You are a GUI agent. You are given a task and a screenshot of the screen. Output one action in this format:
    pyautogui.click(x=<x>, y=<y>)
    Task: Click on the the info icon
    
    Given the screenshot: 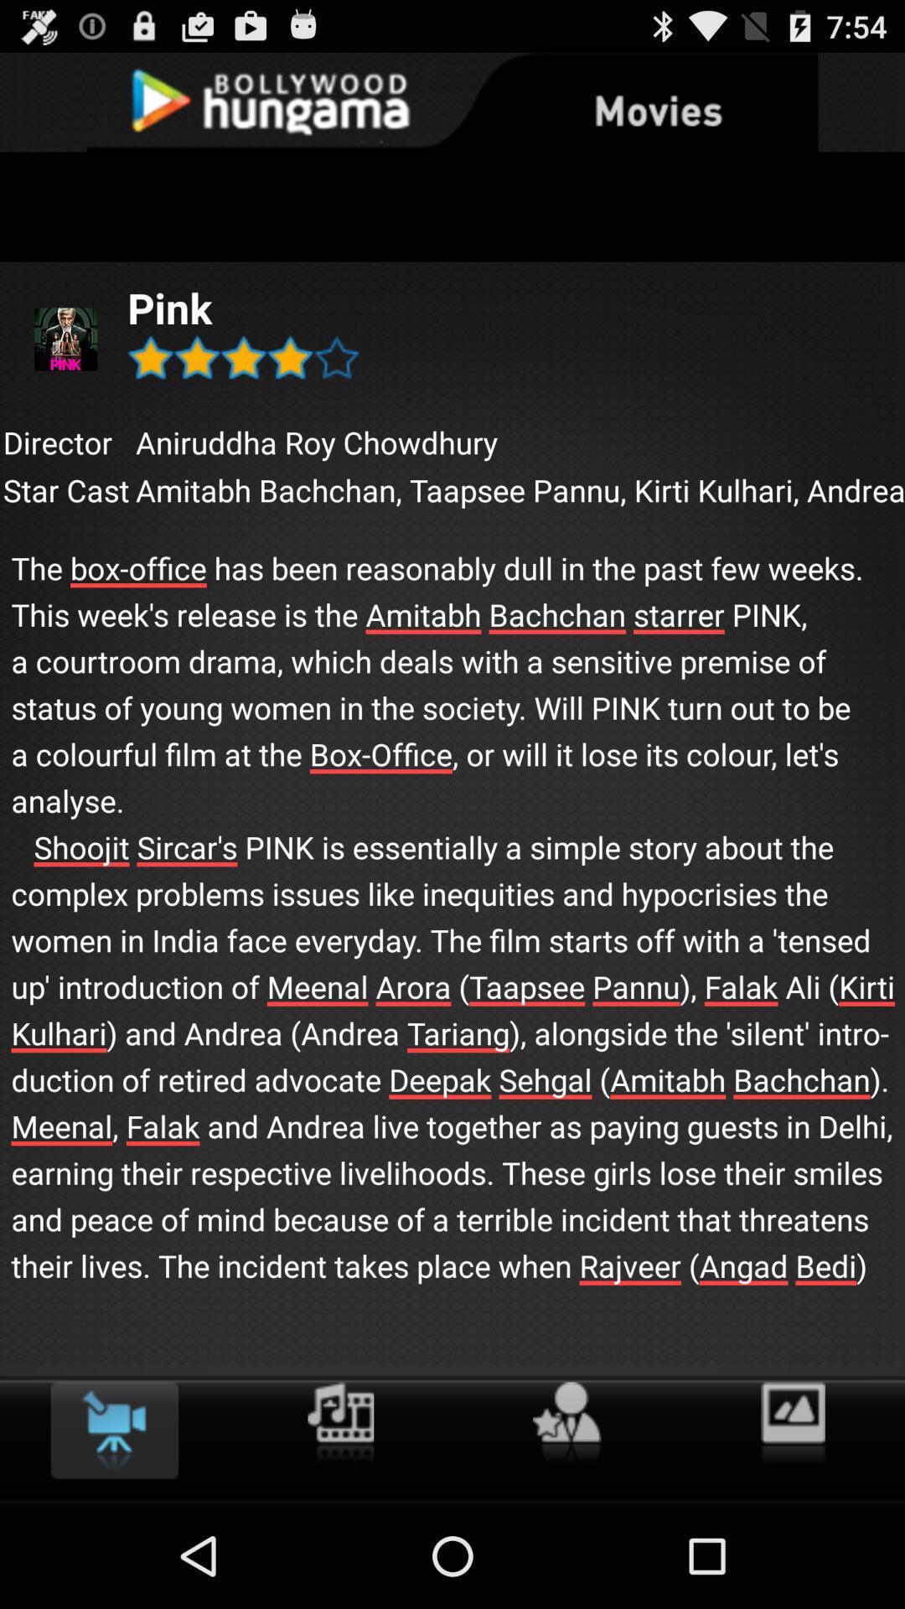 What is the action you would take?
    pyautogui.click(x=339, y=1523)
    